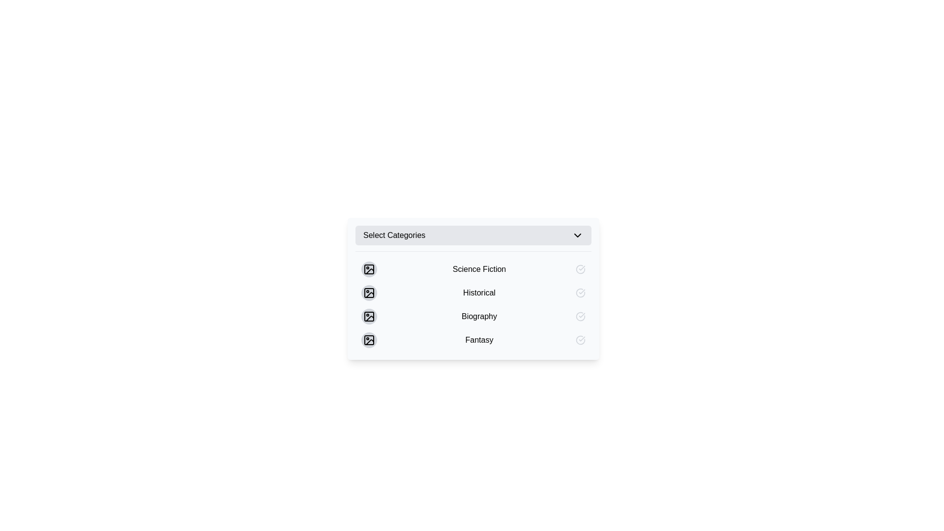  What do you see at coordinates (580, 293) in the screenshot?
I see `the icon at the far-right of the 'Historical' row` at bounding box center [580, 293].